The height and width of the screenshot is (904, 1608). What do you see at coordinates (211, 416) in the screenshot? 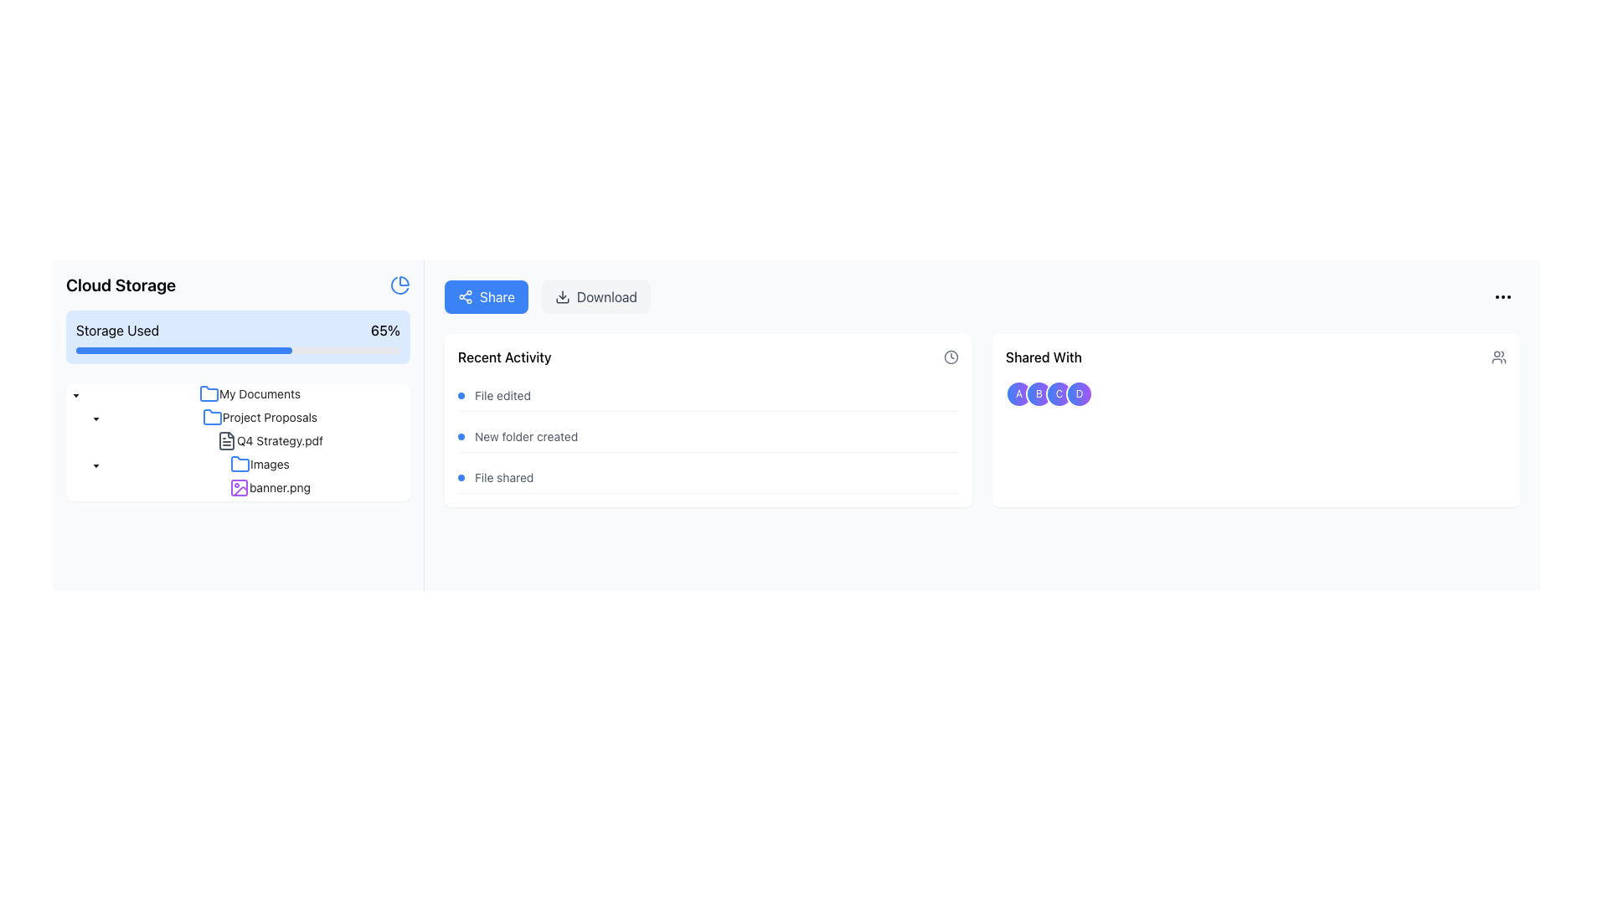
I see `the folder icon located in the left panel under 'Cloud Storage', specifically to the left of the entry labeled 'Project Proposals'` at bounding box center [211, 416].